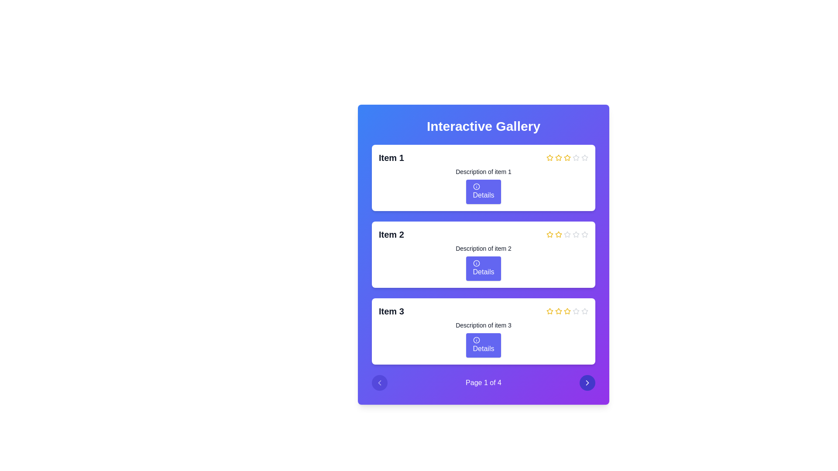  Describe the element at coordinates (476, 339) in the screenshot. I see `the circular SVG element representing the 'info' icon, which is styled as part of an icon and is positioned in the 'Details' button under 'Item 3'` at that location.